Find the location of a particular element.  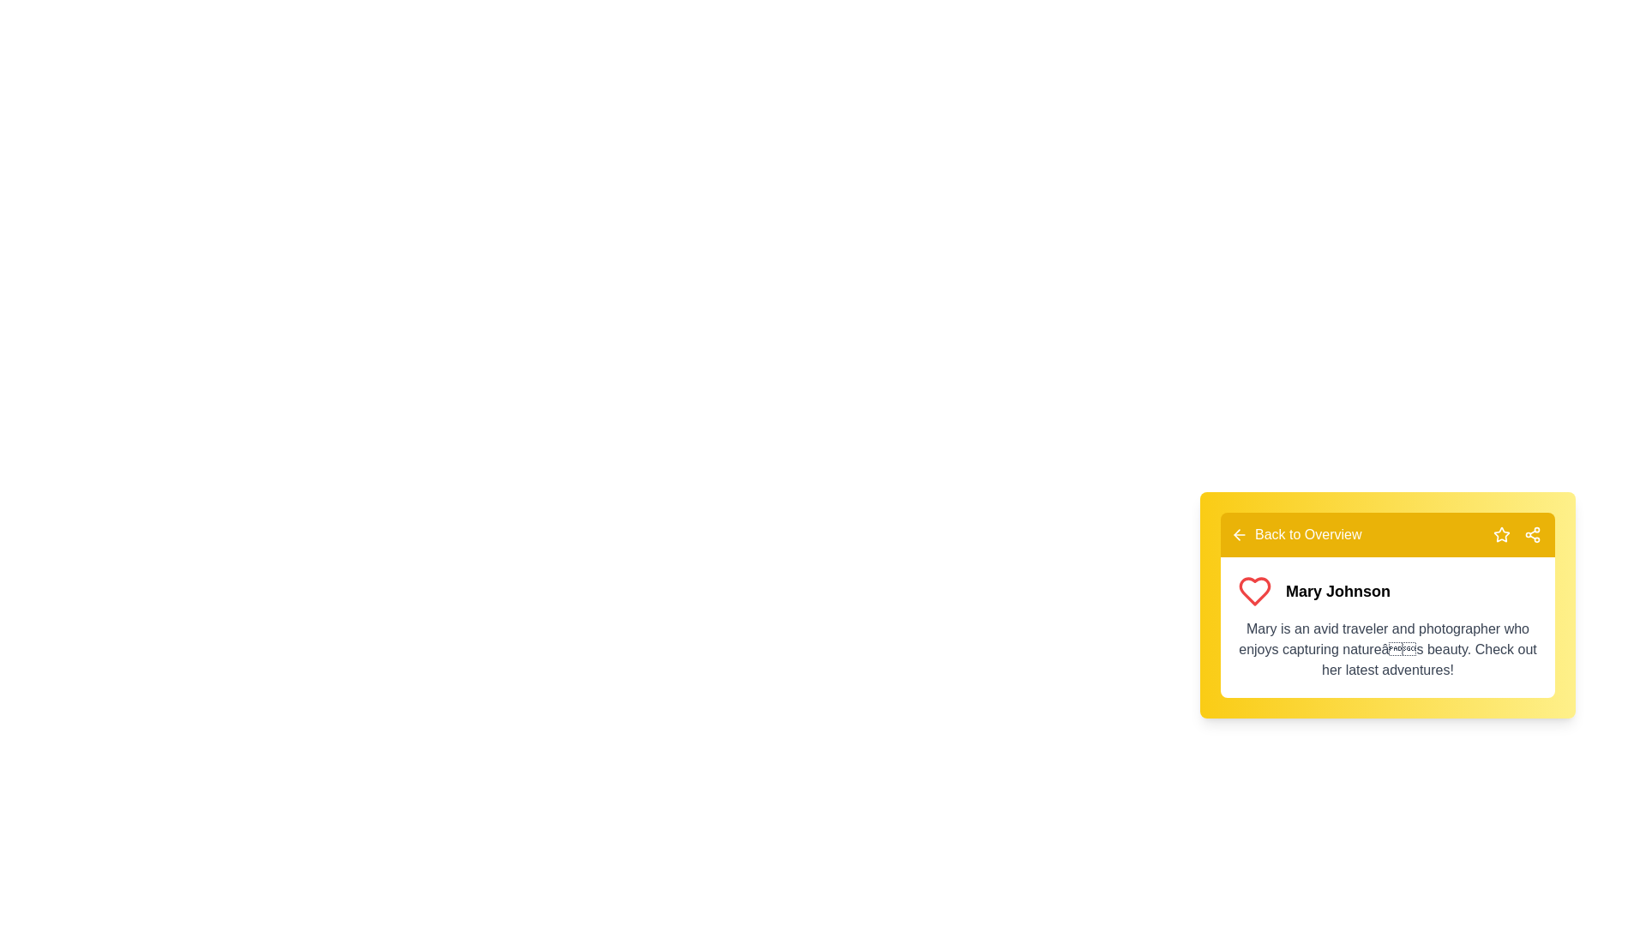

the 'Back to Overview' text label, which is styled with a yellow background and centered white text is located at coordinates (1307, 534).